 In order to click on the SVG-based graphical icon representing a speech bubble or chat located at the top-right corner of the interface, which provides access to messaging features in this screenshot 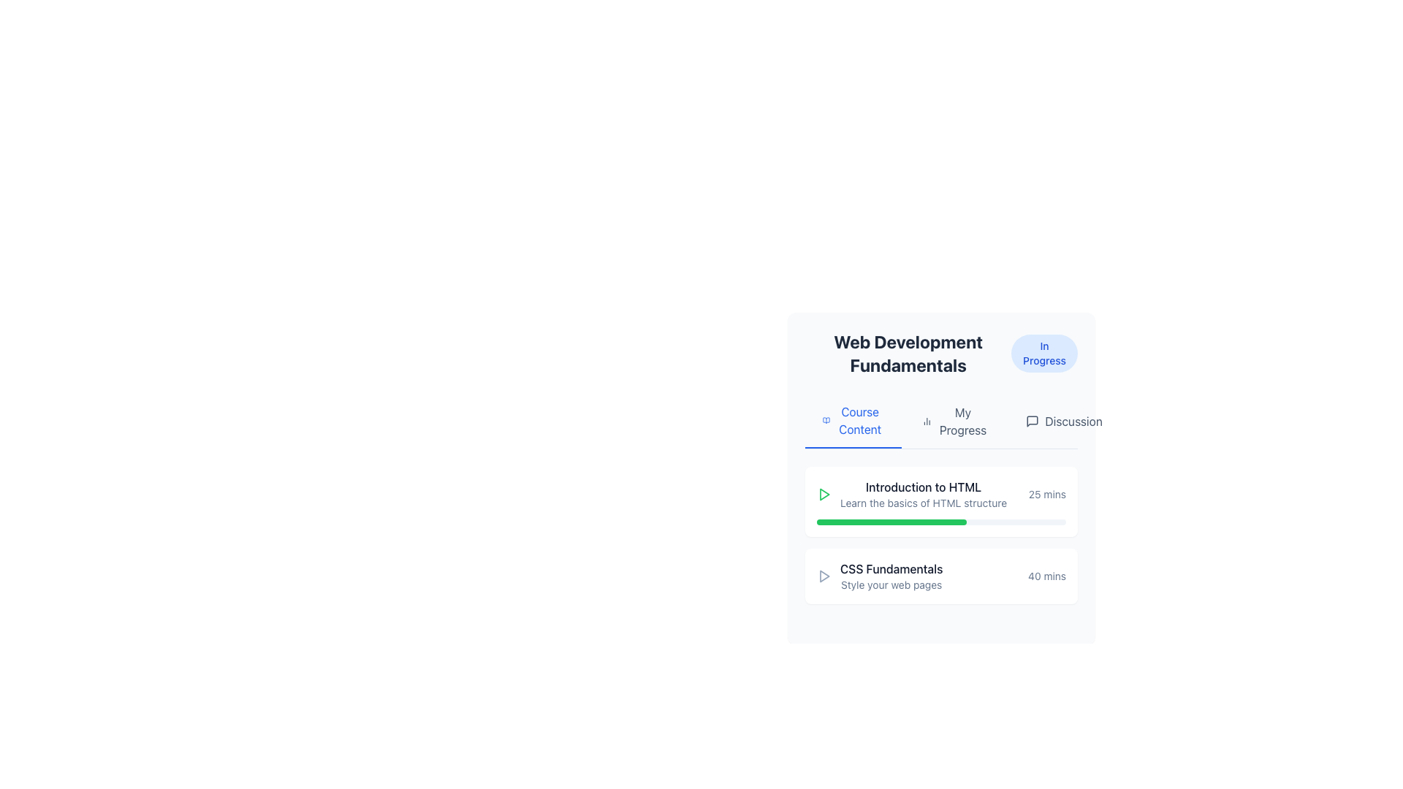, I will do `click(1032, 422)`.